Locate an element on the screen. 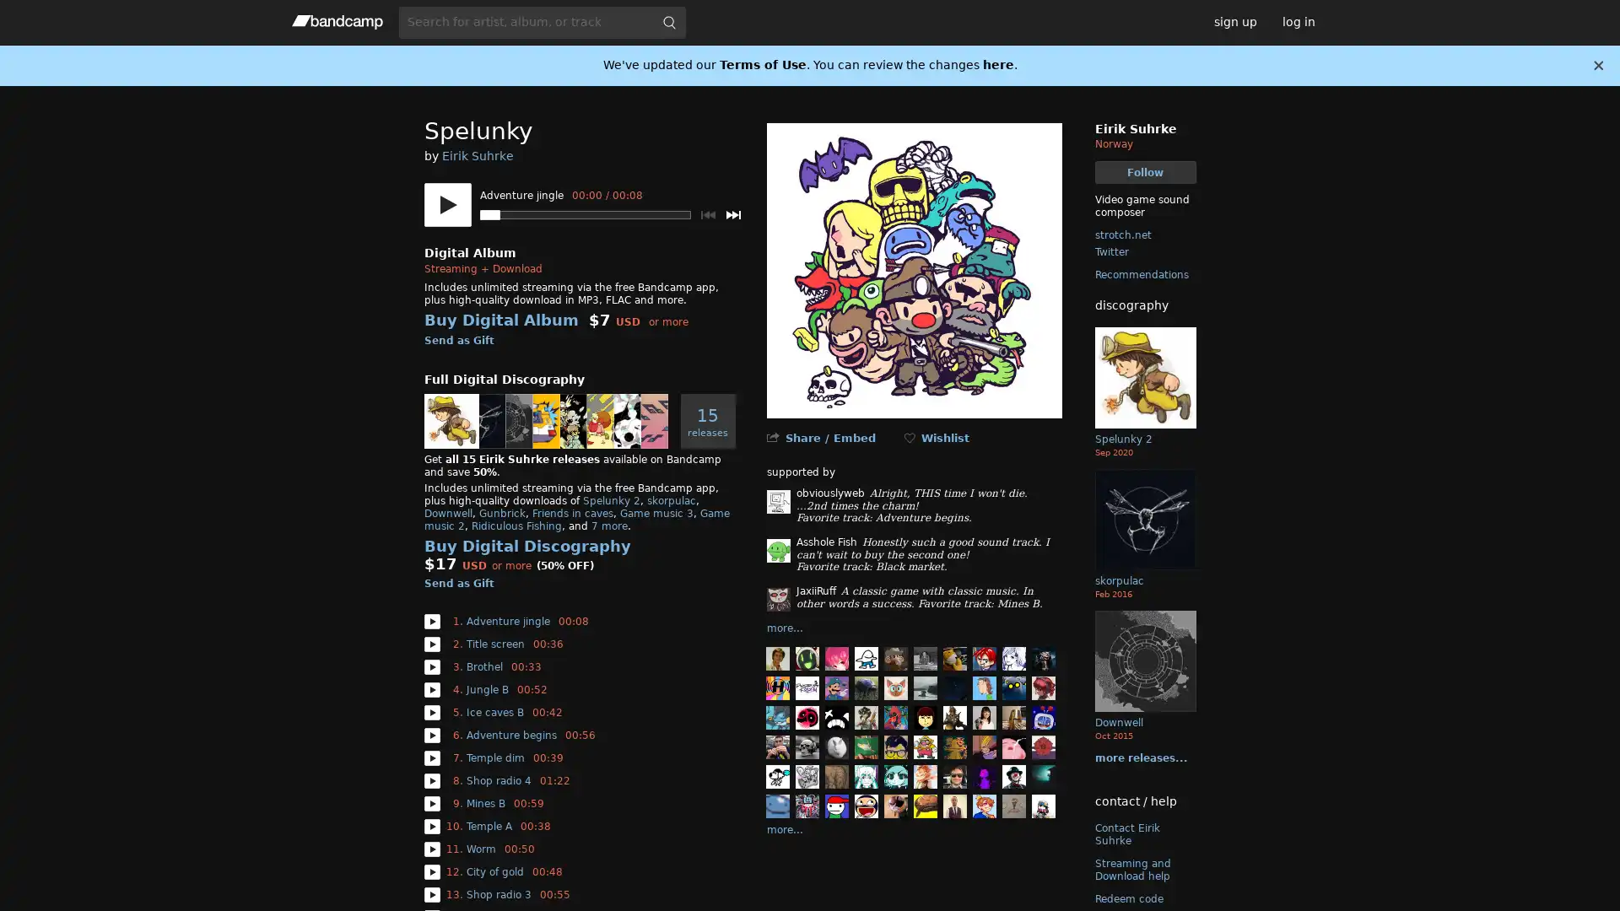 The image size is (1620, 911). Share / Embed is located at coordinates (829, 437).